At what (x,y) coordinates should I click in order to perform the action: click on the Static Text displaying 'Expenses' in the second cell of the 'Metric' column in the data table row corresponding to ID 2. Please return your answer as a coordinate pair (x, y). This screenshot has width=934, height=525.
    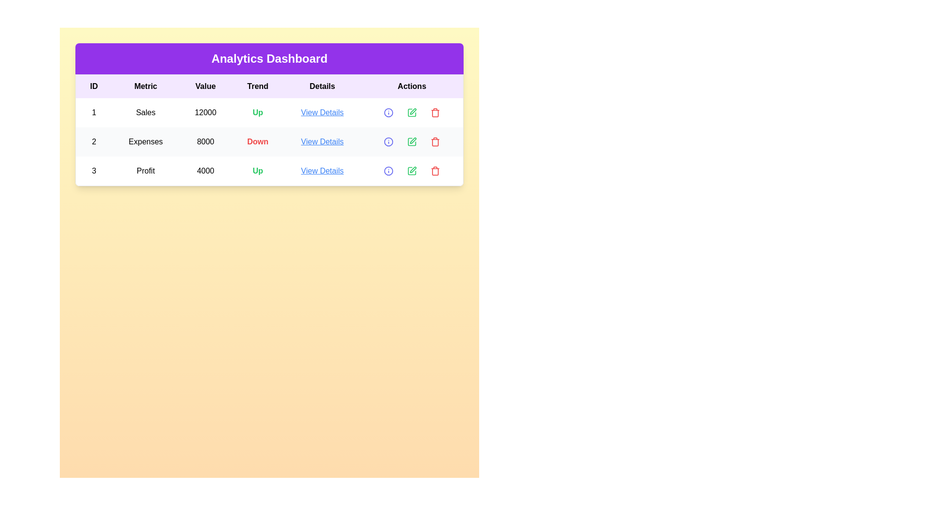
    Looking at the image, I should click on (145, 142).